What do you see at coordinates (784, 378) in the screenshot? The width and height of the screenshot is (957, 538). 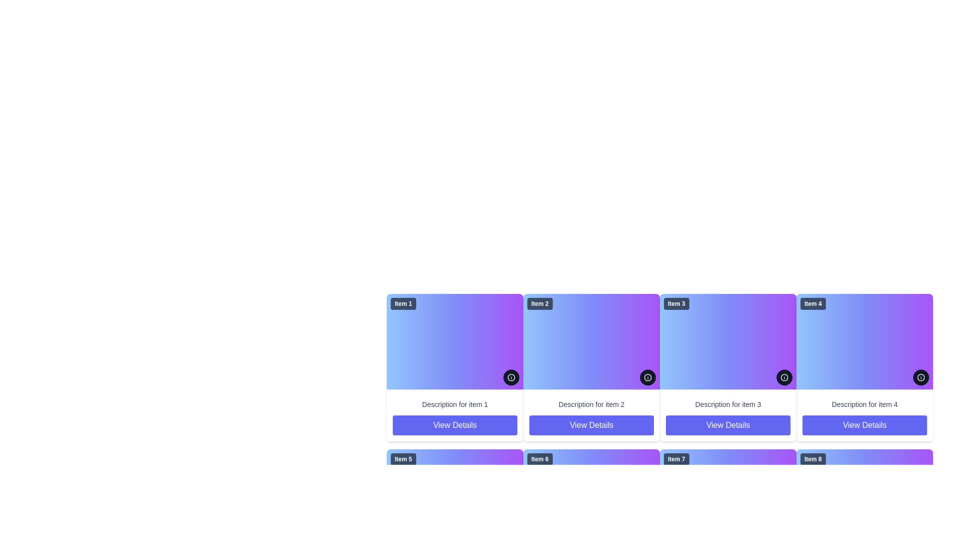 I see `the circular SVG element that is part of the information icon located in the bottom-right corner of the third card in the upper row of the grid for accessibility` at bounding box center [784, 378].